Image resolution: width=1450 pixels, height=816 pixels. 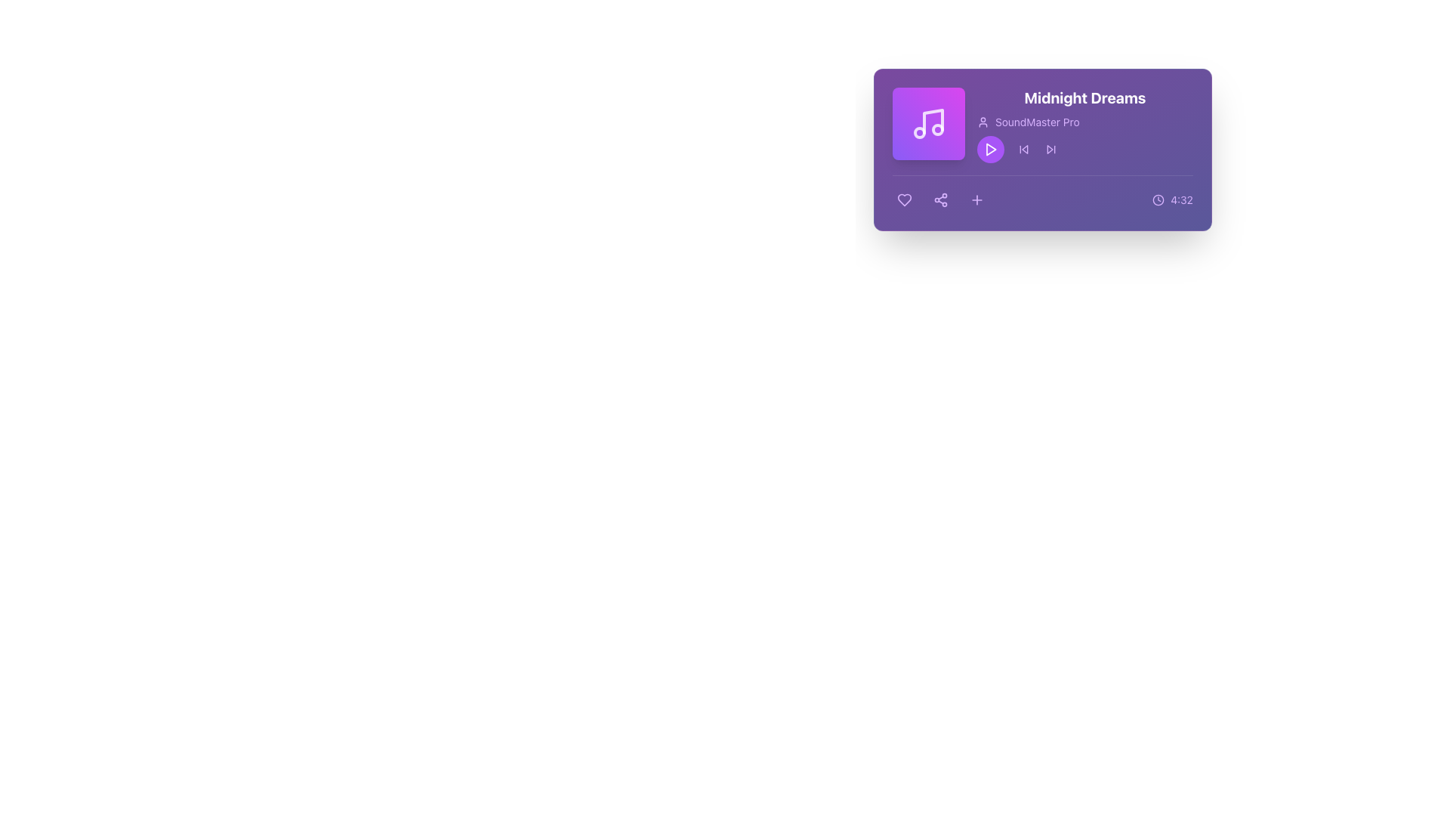 I want to click on the rounded button with a small purple plus icon, so click(x=977, y=199).